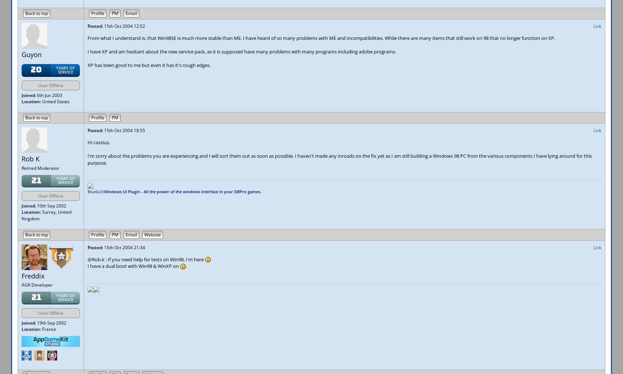  I want to click on ':Windows UI Plugin - All the power of the windows interface in your DBPro games.', so click(182, 191).